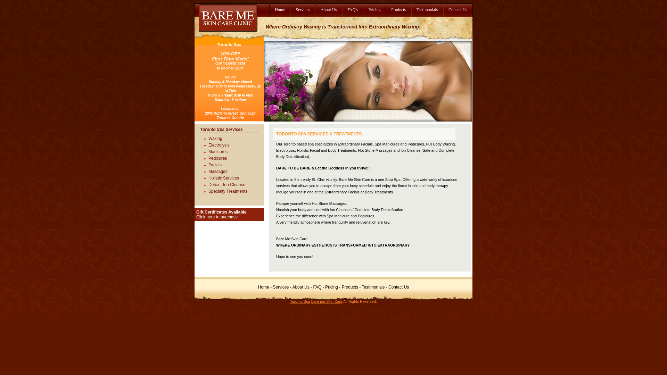 The width and height of the screenshot is (667, 375). Describe the element at coordinates (331, 287) in the screenshot. I see `'Pricing'` at that location.